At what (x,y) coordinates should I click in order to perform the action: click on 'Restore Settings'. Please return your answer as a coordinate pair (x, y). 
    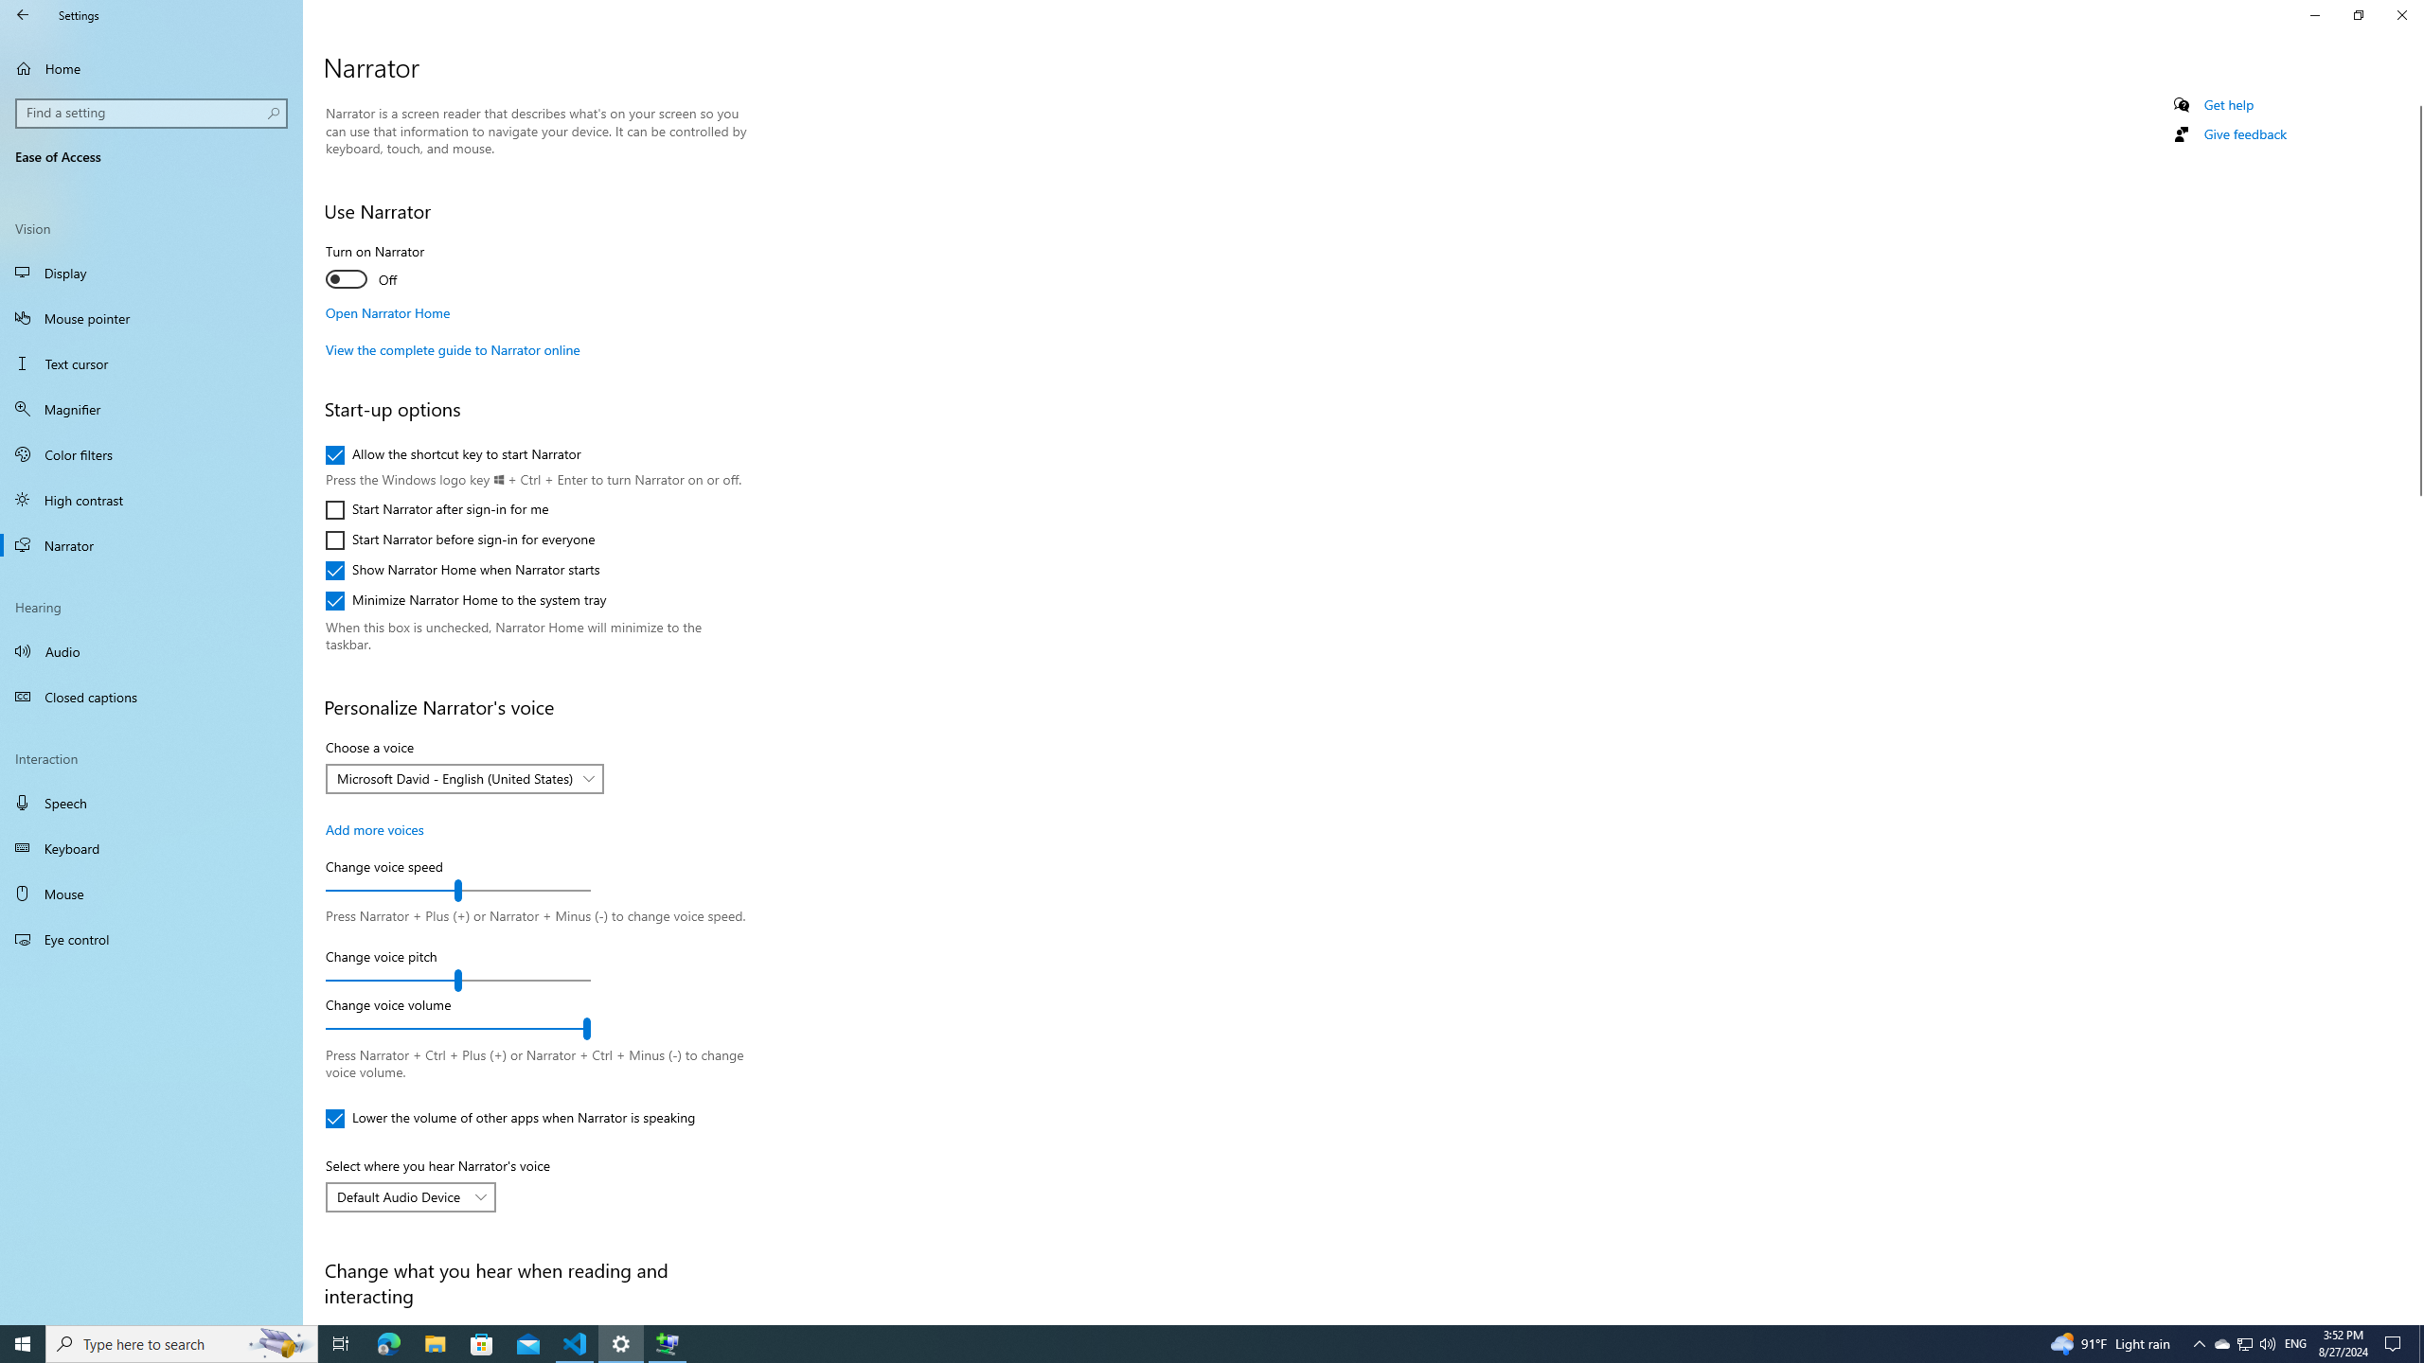
    Looking at the image, I should click on (2358, 14).